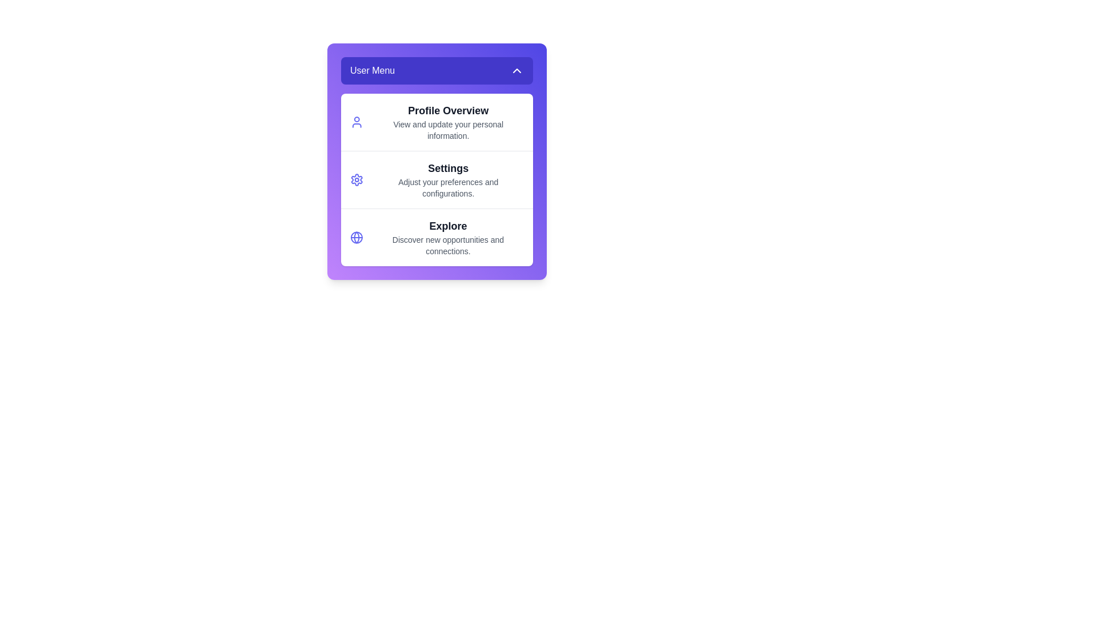 This screenshot has width=1097, height=617. What do you see at coordinates (517, 70) in the screenshot?
I see `the Chevron Up icon located in the top-right corner of the 'User Menu' header bar` at bounding box center [517, 70].